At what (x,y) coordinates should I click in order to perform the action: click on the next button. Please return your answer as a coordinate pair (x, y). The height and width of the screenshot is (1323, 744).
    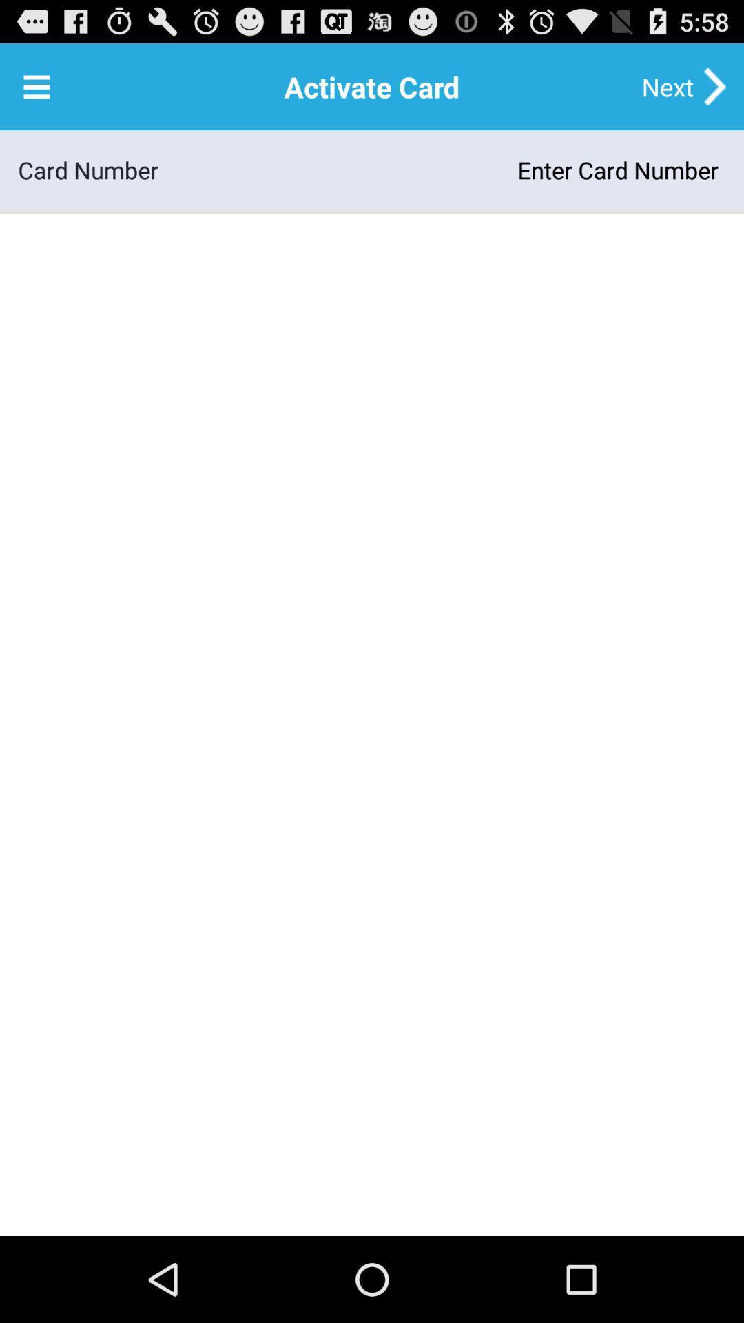
    Looking at the image, I should click on (667, 85).